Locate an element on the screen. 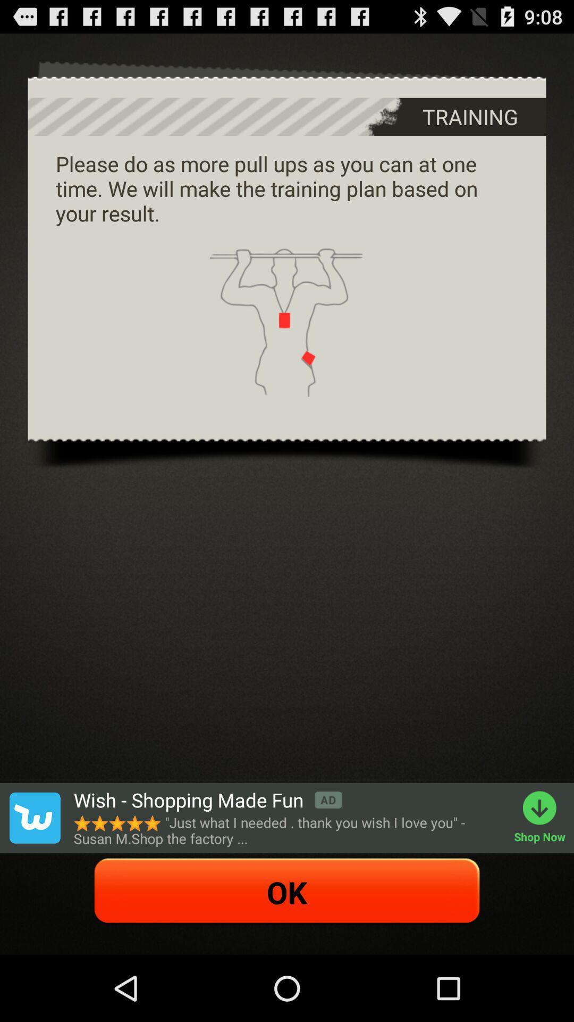 This screenshot has height=1022, width=574. the twitter icon is located at coordinates (34, 875).